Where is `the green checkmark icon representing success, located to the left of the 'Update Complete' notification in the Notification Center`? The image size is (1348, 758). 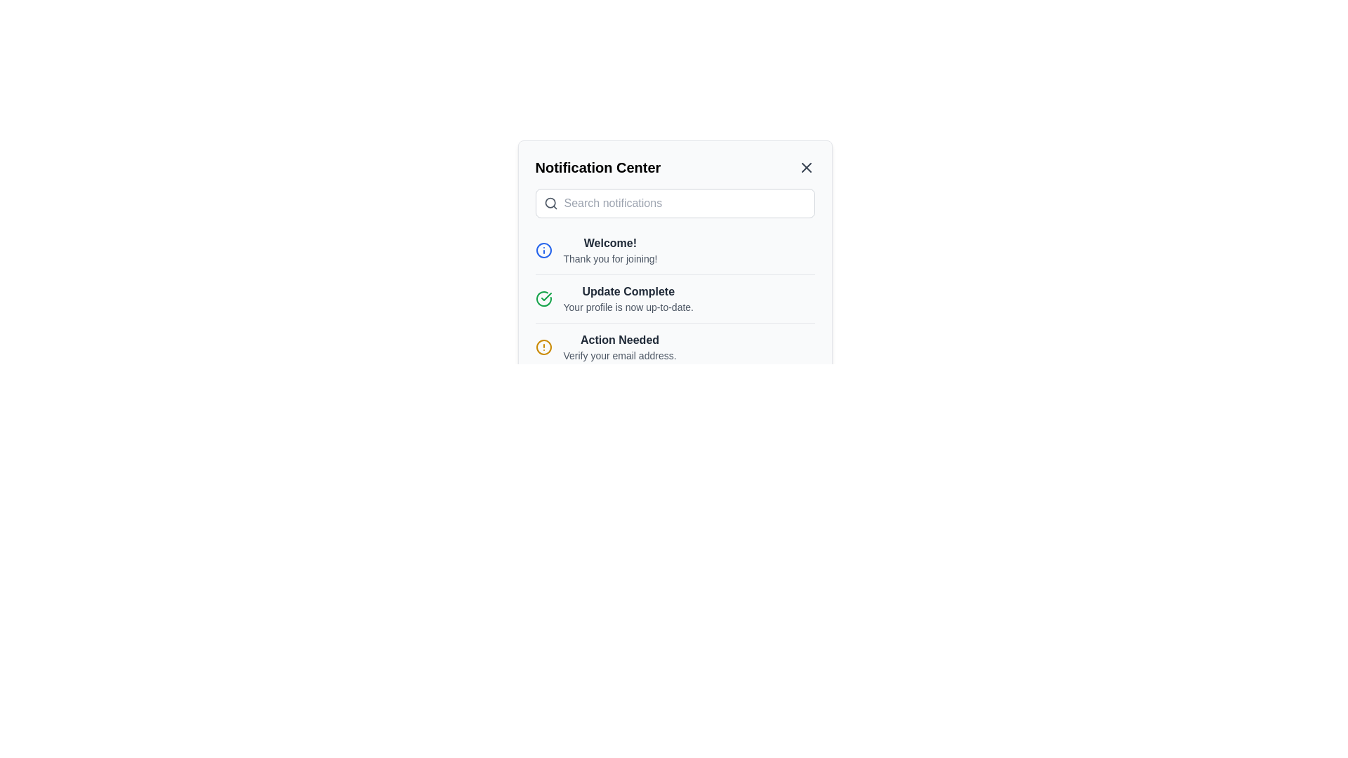
the green checkmark icon representing success, located to the left of the 'Update Complete' notification in the Notification Center is located at coordinates (545, 296).